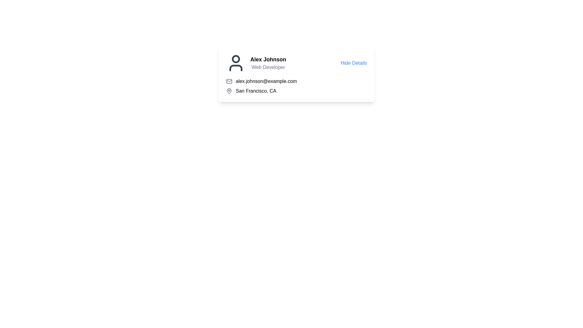 The height and width of the screenshot is (328, 583). What do you see at coordinates (268, 67) in the screenshot?
I see `the text label that serves as a job title or description related to the user profile named 'Alex Johnson', which is positioned below the sibling element displaying 'Alex Johnson'` at bounding box center [268, 67].